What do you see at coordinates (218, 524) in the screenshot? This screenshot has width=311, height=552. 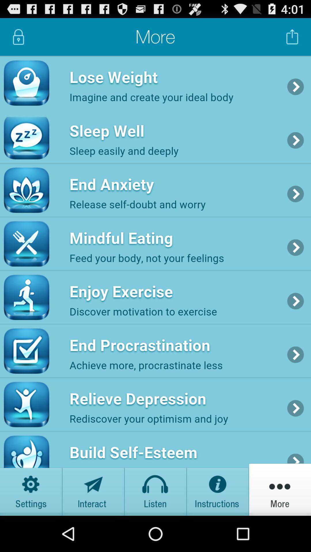 I see `the info icon` at bounding box center [218, 524].